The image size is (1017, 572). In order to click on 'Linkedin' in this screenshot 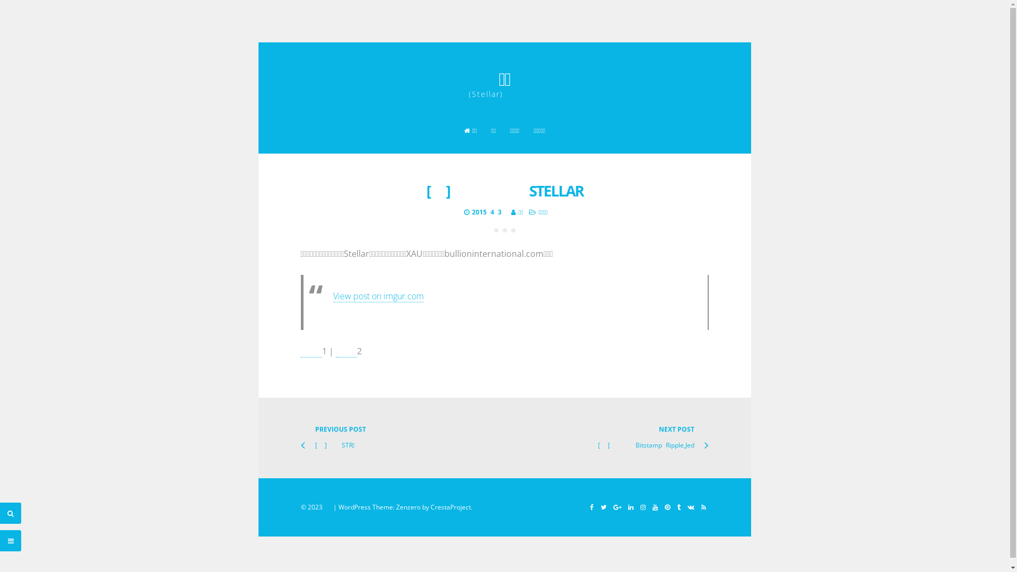, I will do `click(625, 506)`.